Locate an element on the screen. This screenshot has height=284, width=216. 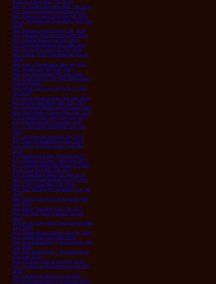
'#73 - Midwest Trip Part 2 (Jun 9th, 2017)' is located at coordinates (13, 155).